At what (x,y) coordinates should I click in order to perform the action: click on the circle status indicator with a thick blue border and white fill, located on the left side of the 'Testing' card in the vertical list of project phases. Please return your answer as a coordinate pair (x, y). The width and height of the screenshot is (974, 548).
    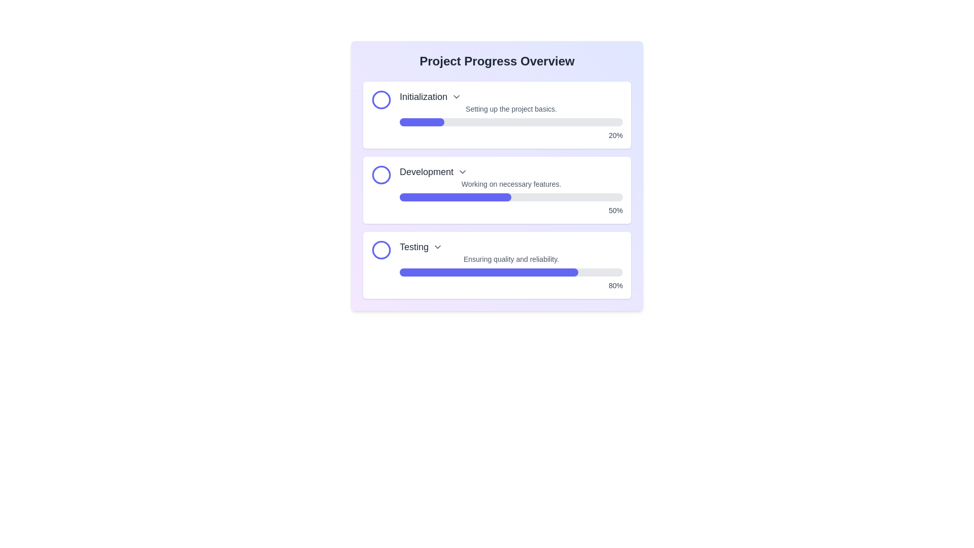
    Looking at the image, I should click on (381, 250).